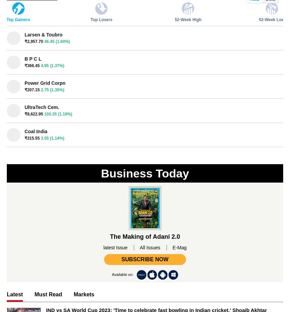 This screenshot has width=290, height=312. What do you see at coordinates (122, 274) in the screenshot?
I see `'Available on:'` at bounding box center [122, 274].